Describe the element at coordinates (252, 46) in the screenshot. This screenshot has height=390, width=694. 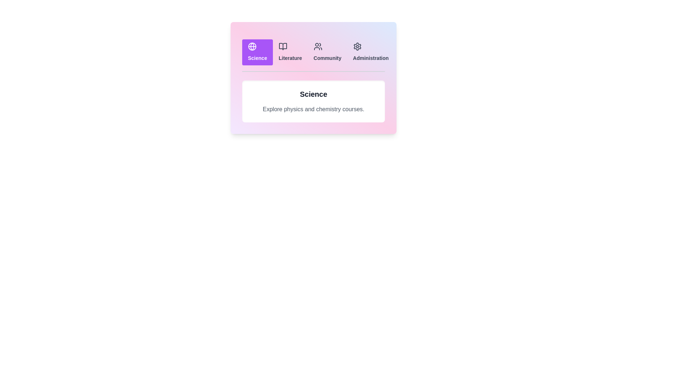
I see `the icon for the Science tab` at that location.